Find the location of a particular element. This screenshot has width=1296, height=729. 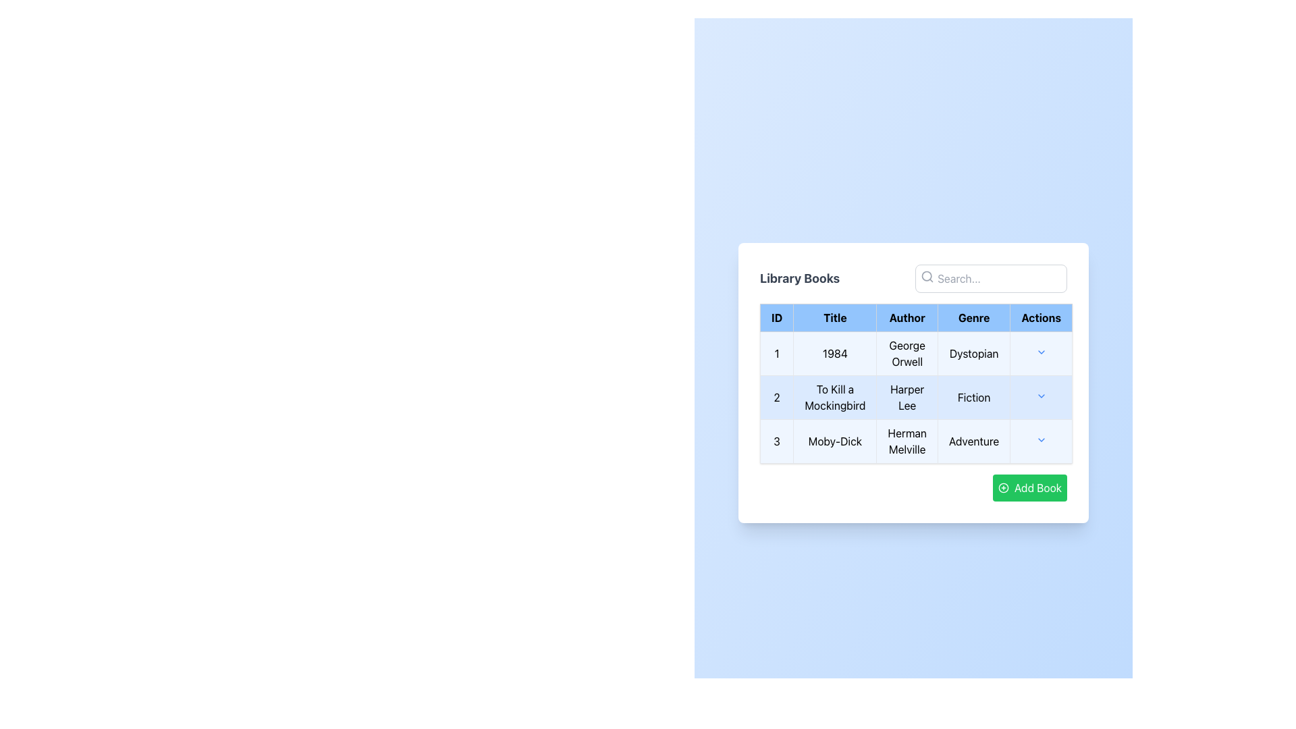

the static text label displaying the identifier or serial number in the second row of the table, first column under the 'ID' header is located at coordinates (777, 396).